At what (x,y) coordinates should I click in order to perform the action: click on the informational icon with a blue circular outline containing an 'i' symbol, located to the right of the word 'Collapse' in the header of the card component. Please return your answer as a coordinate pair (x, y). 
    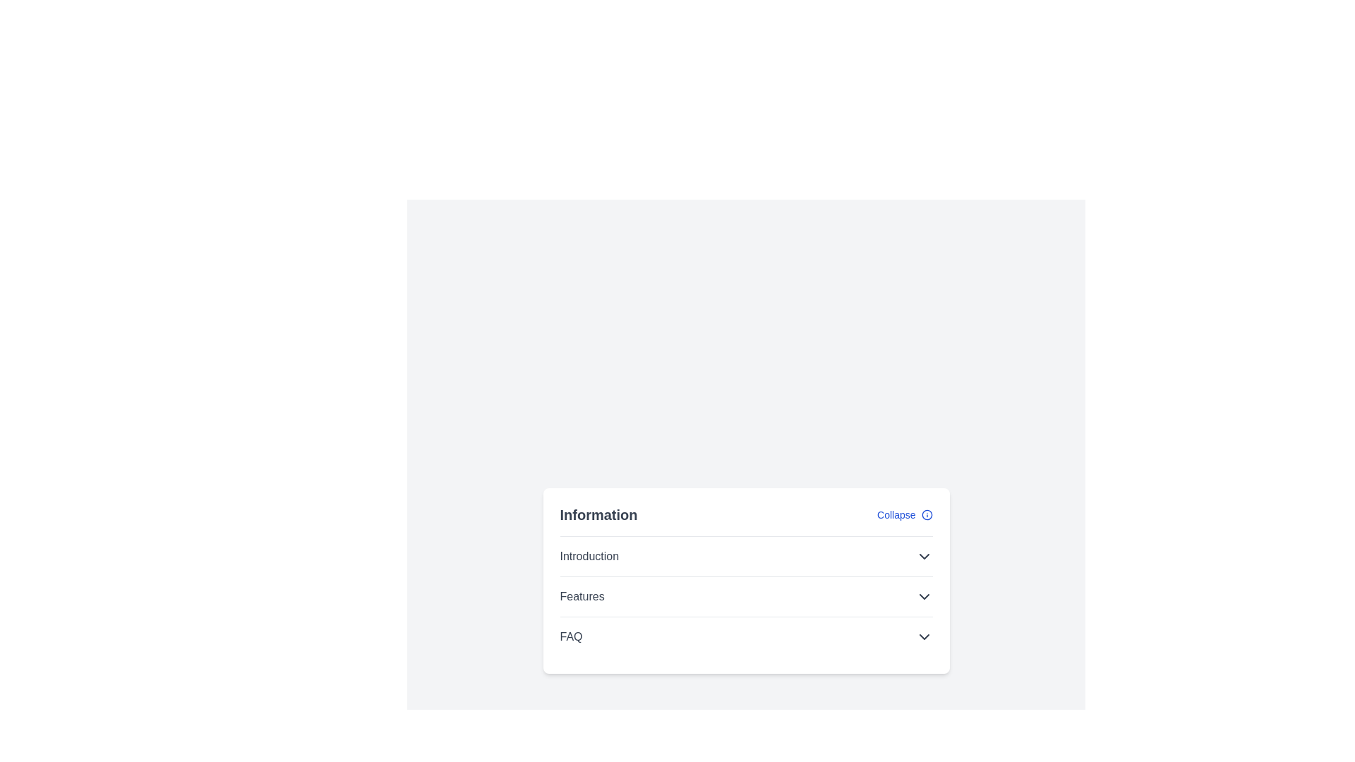
    Looking at the image, I should click on (927, 514).